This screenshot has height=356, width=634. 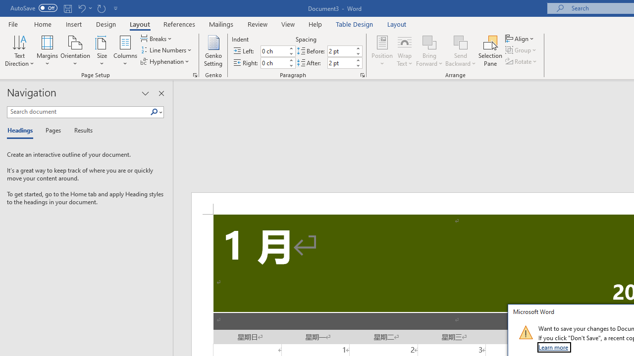 I want to click on 'Table Design', so click(x=355, y=24).